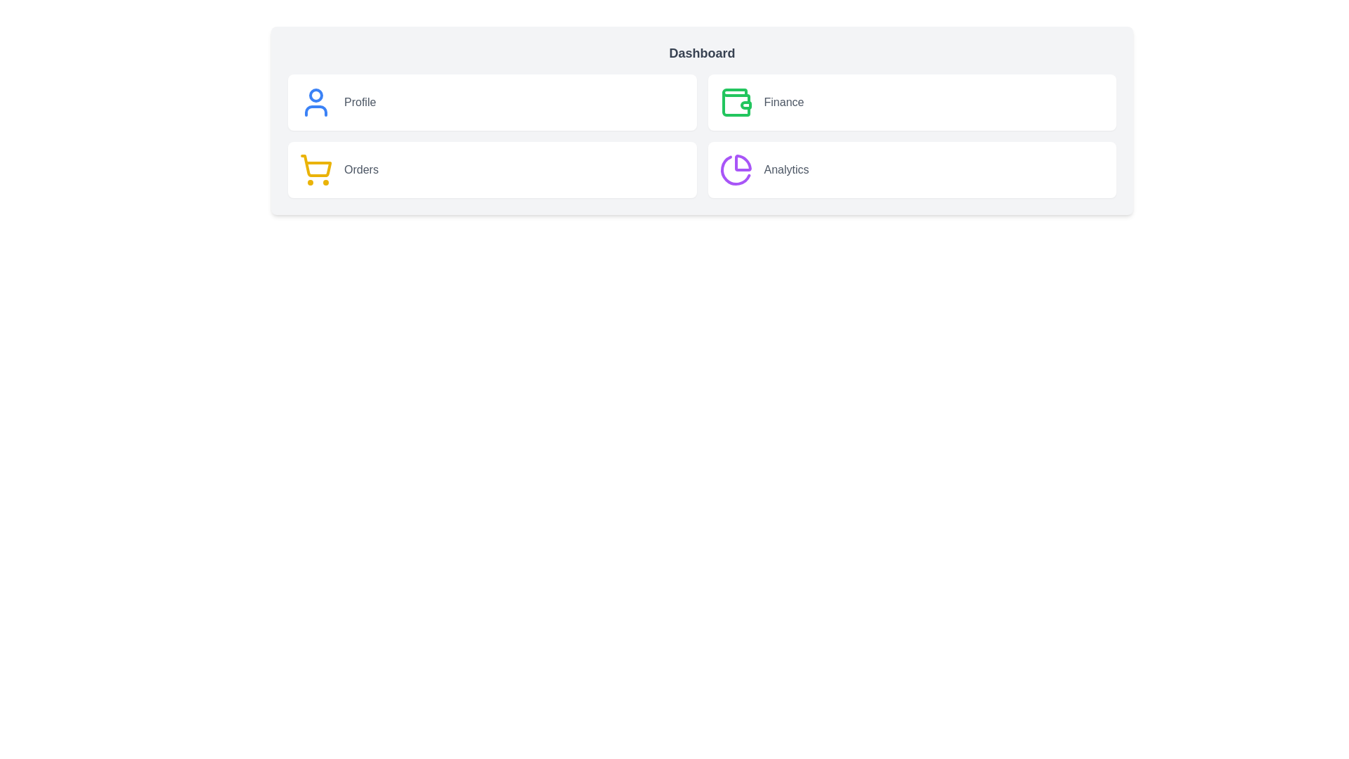 This screenshot has width=1349, height=759. Describe the element at coordinates (315, 95) in the screenshot. I see `the circular icon with a blue outline located at the top center of the user profile icon in the upper-left corner of the main dashboard area` at that location.